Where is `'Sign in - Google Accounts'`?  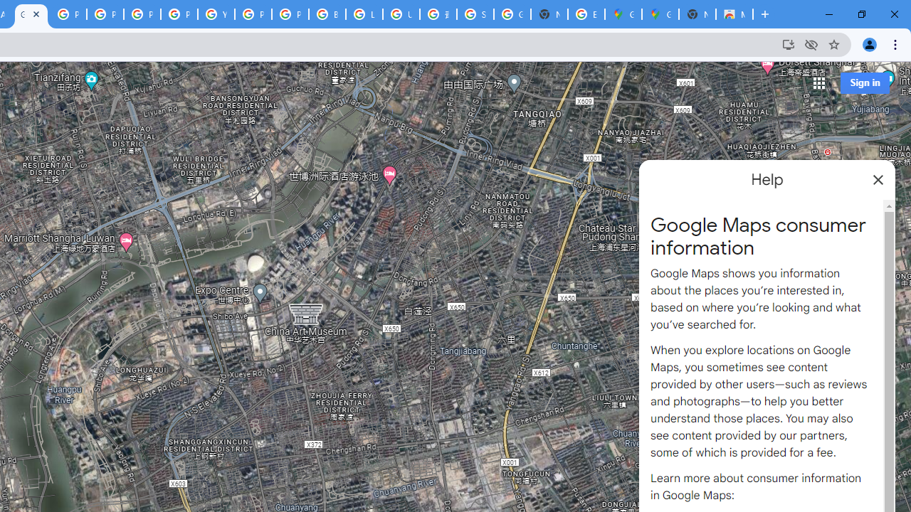
'Sign in - Google Accounts' is located at coordinates (475, 14).